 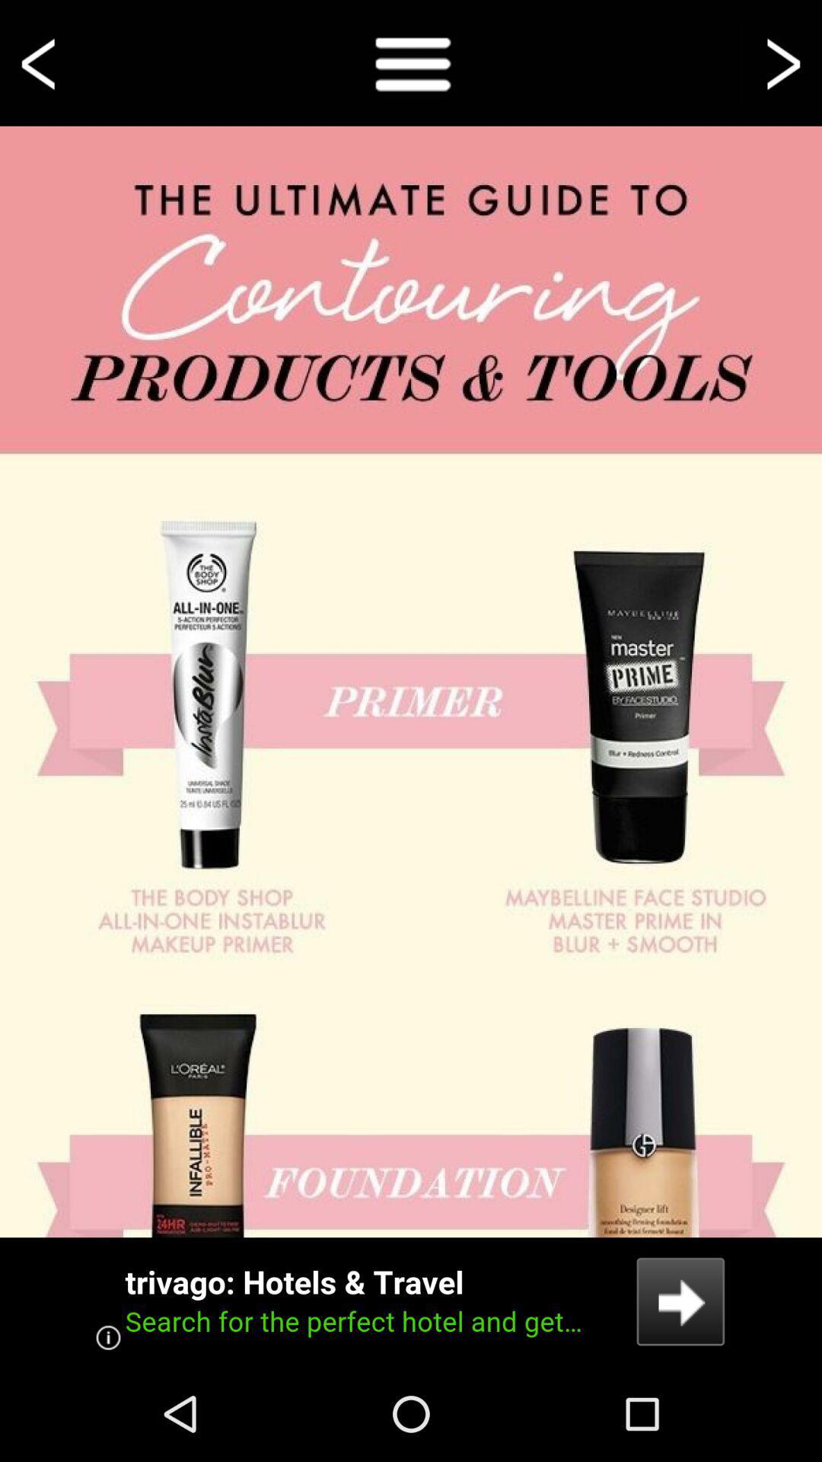 What do you see at coordinates (411, 1301) in the screenshot?
I see `advertisement` at bounding box center [411, 1301].